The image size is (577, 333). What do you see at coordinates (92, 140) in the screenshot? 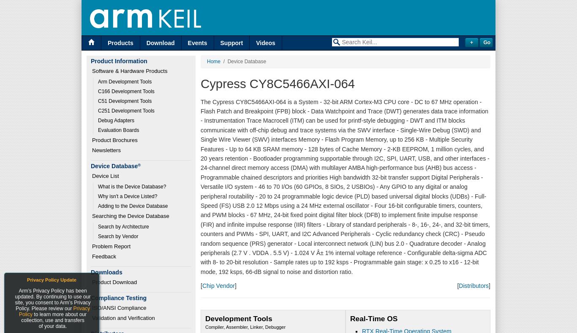
I see `'Product Brochures'` at bounding box center [92, 140].